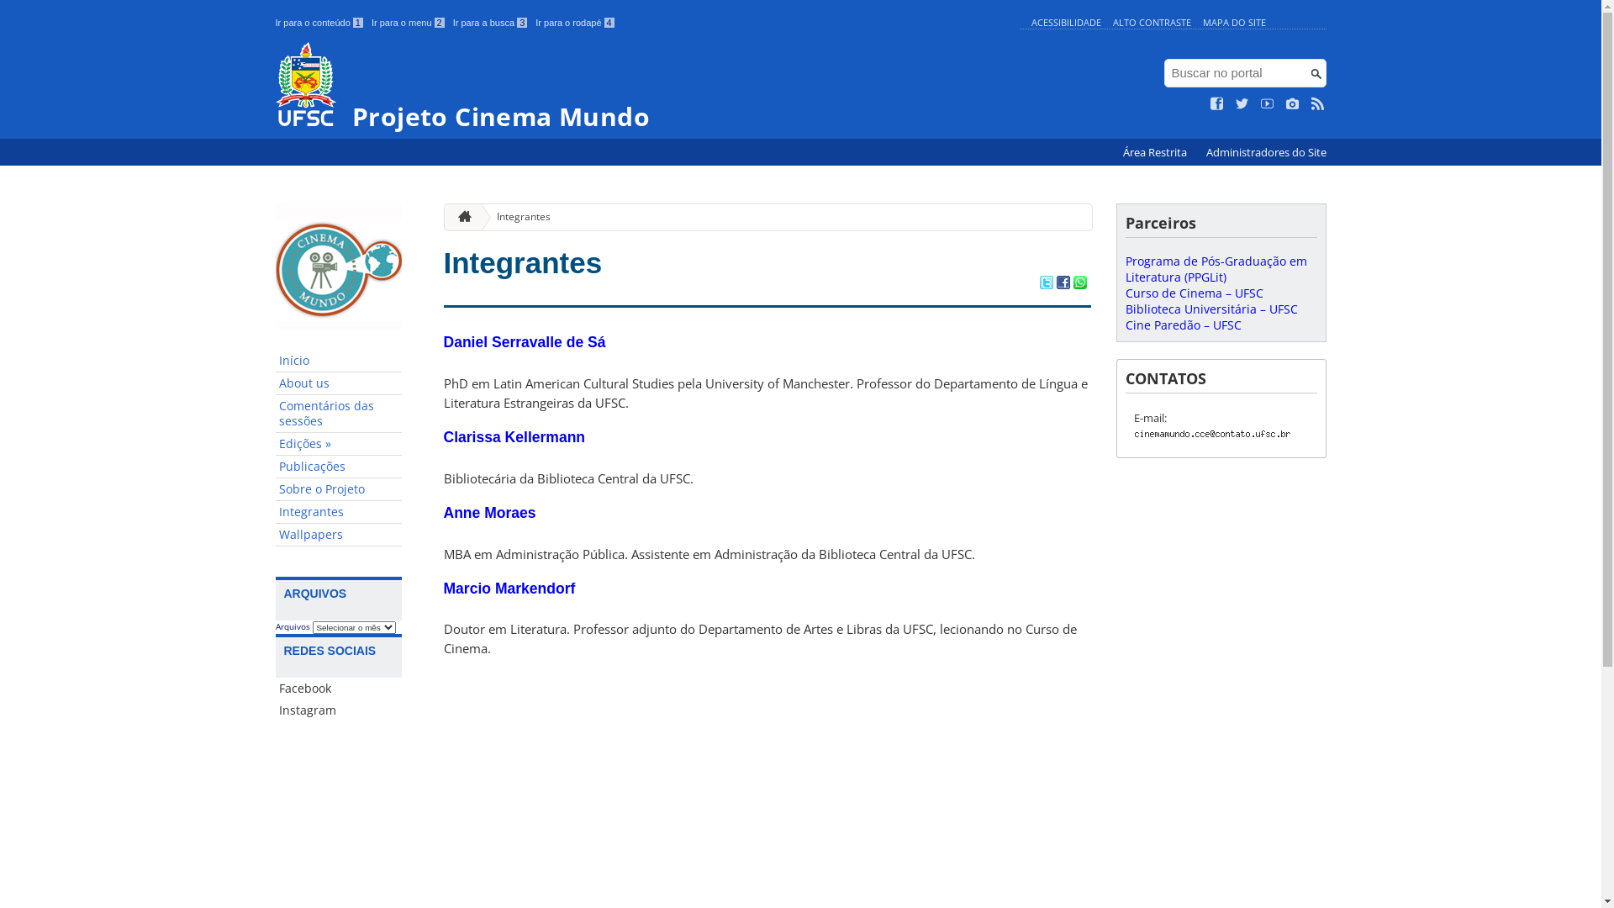 The image size is (1614, 908). Describe the element at coordinates (1265, 152) in the screenshot. I see `'Administradores do Site'` at that location.